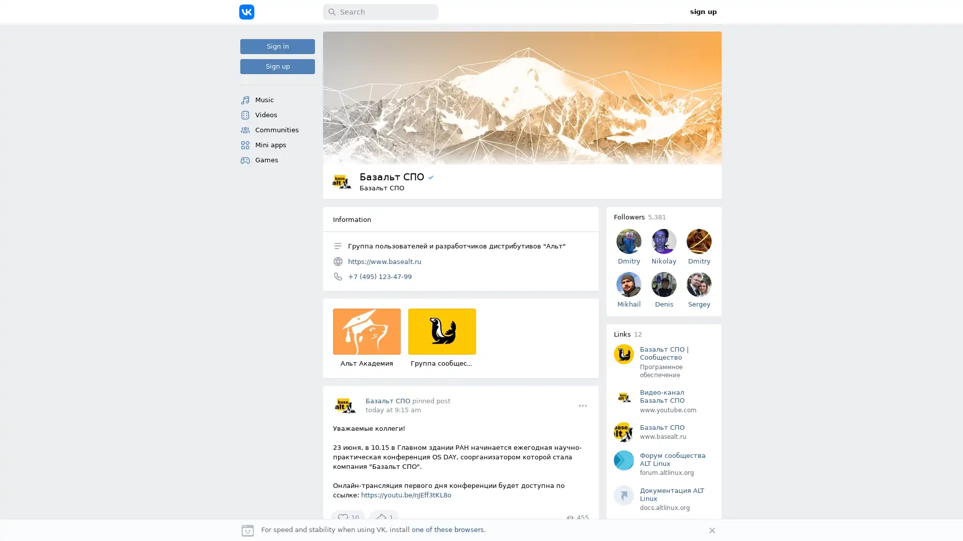 Image resolution: width=963 pixels, height=541 pixels. What do you see at coordinates (384, 517) in the screenshot?
I see `1 share` at bounding box center [384, 517].